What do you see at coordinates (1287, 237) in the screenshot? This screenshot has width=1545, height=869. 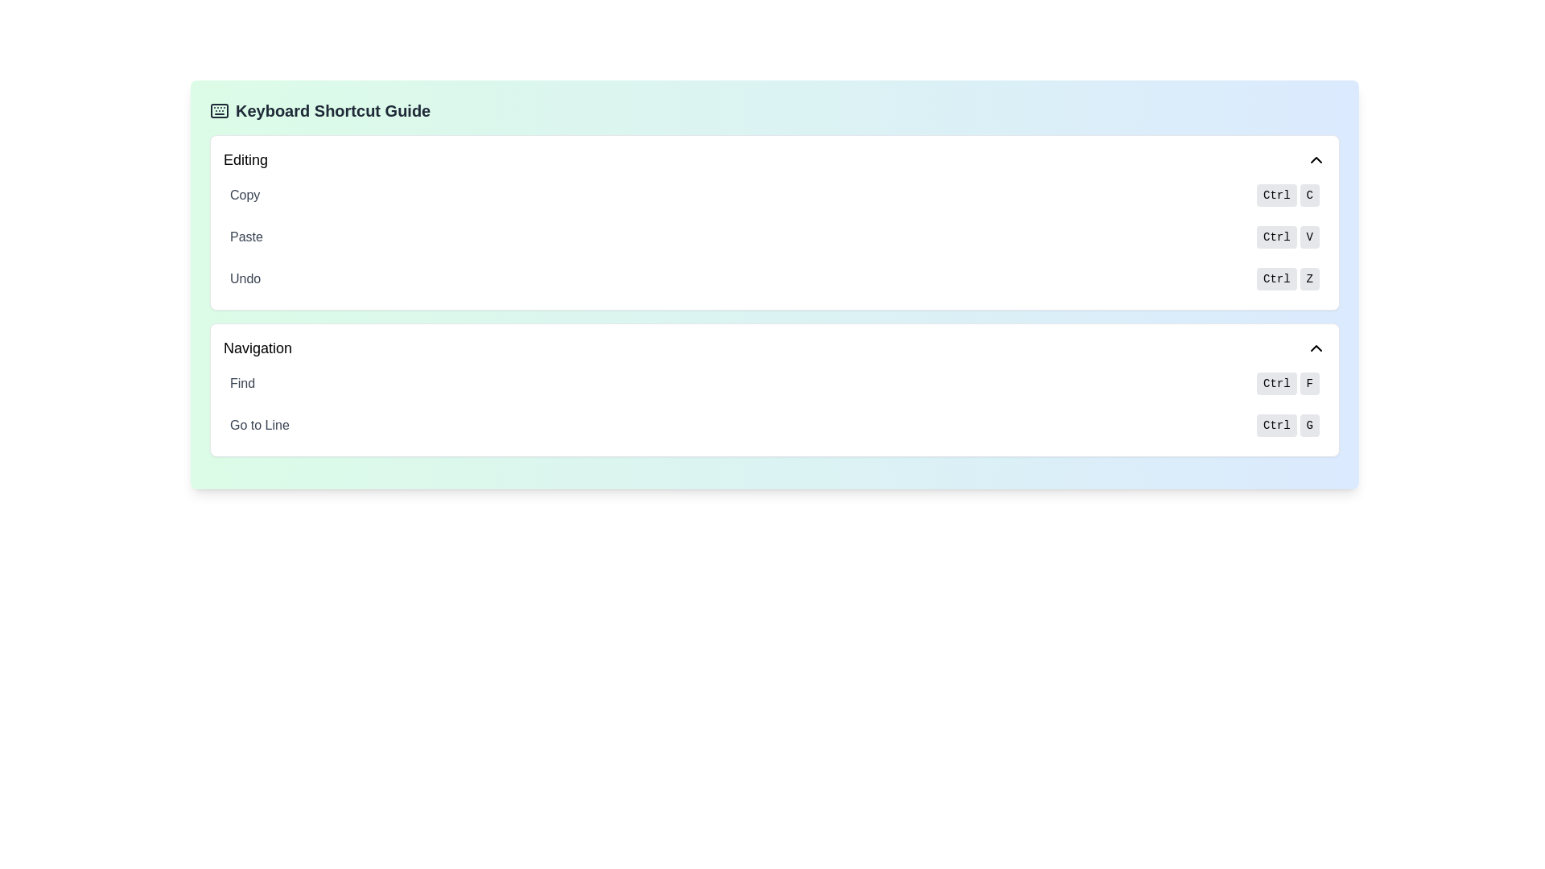 I see `the 'Ctrl' button, which is a small rectangular button with rounded corners and a grey background` at bounding box center [1287, 237].